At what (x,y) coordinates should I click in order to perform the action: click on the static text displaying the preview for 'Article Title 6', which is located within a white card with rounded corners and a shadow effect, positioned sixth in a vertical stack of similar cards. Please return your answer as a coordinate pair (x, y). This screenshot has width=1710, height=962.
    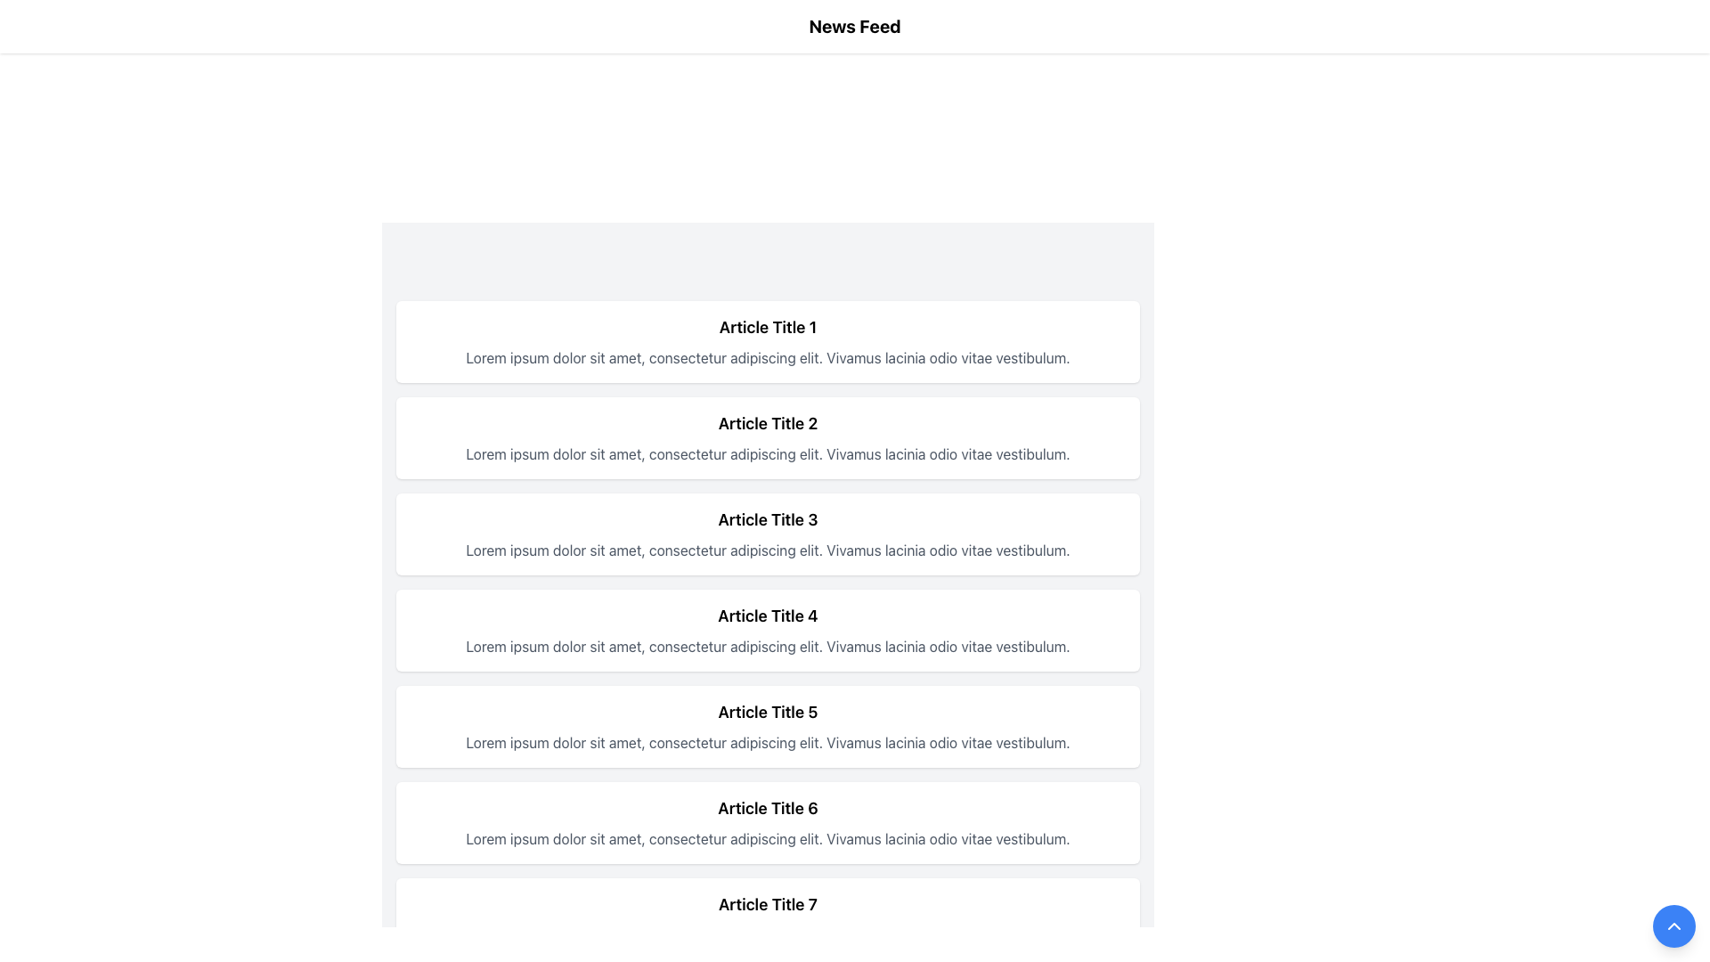
    Looking at the image, I should click on (768, 838).